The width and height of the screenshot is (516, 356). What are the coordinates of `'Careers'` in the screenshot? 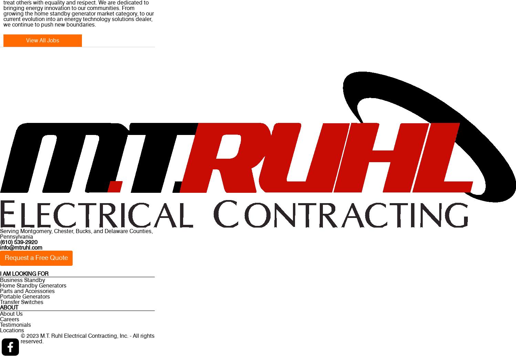 It's located at (10, 319).